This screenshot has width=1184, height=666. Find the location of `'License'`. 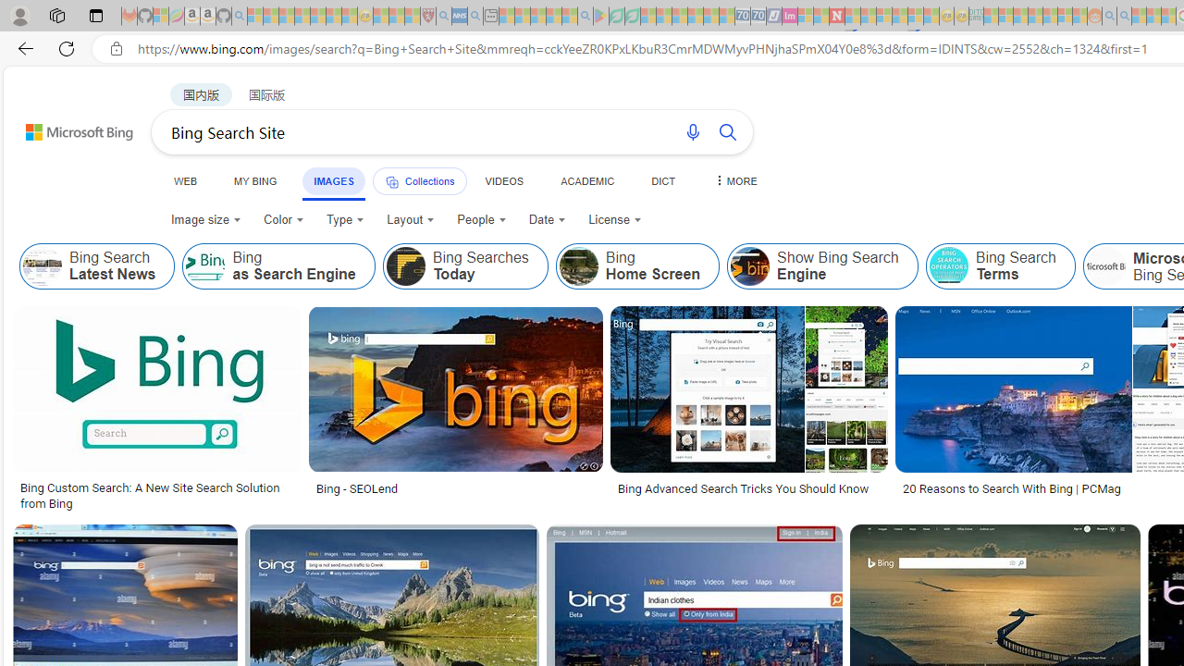

'License' is located at coordinates (614, 218).